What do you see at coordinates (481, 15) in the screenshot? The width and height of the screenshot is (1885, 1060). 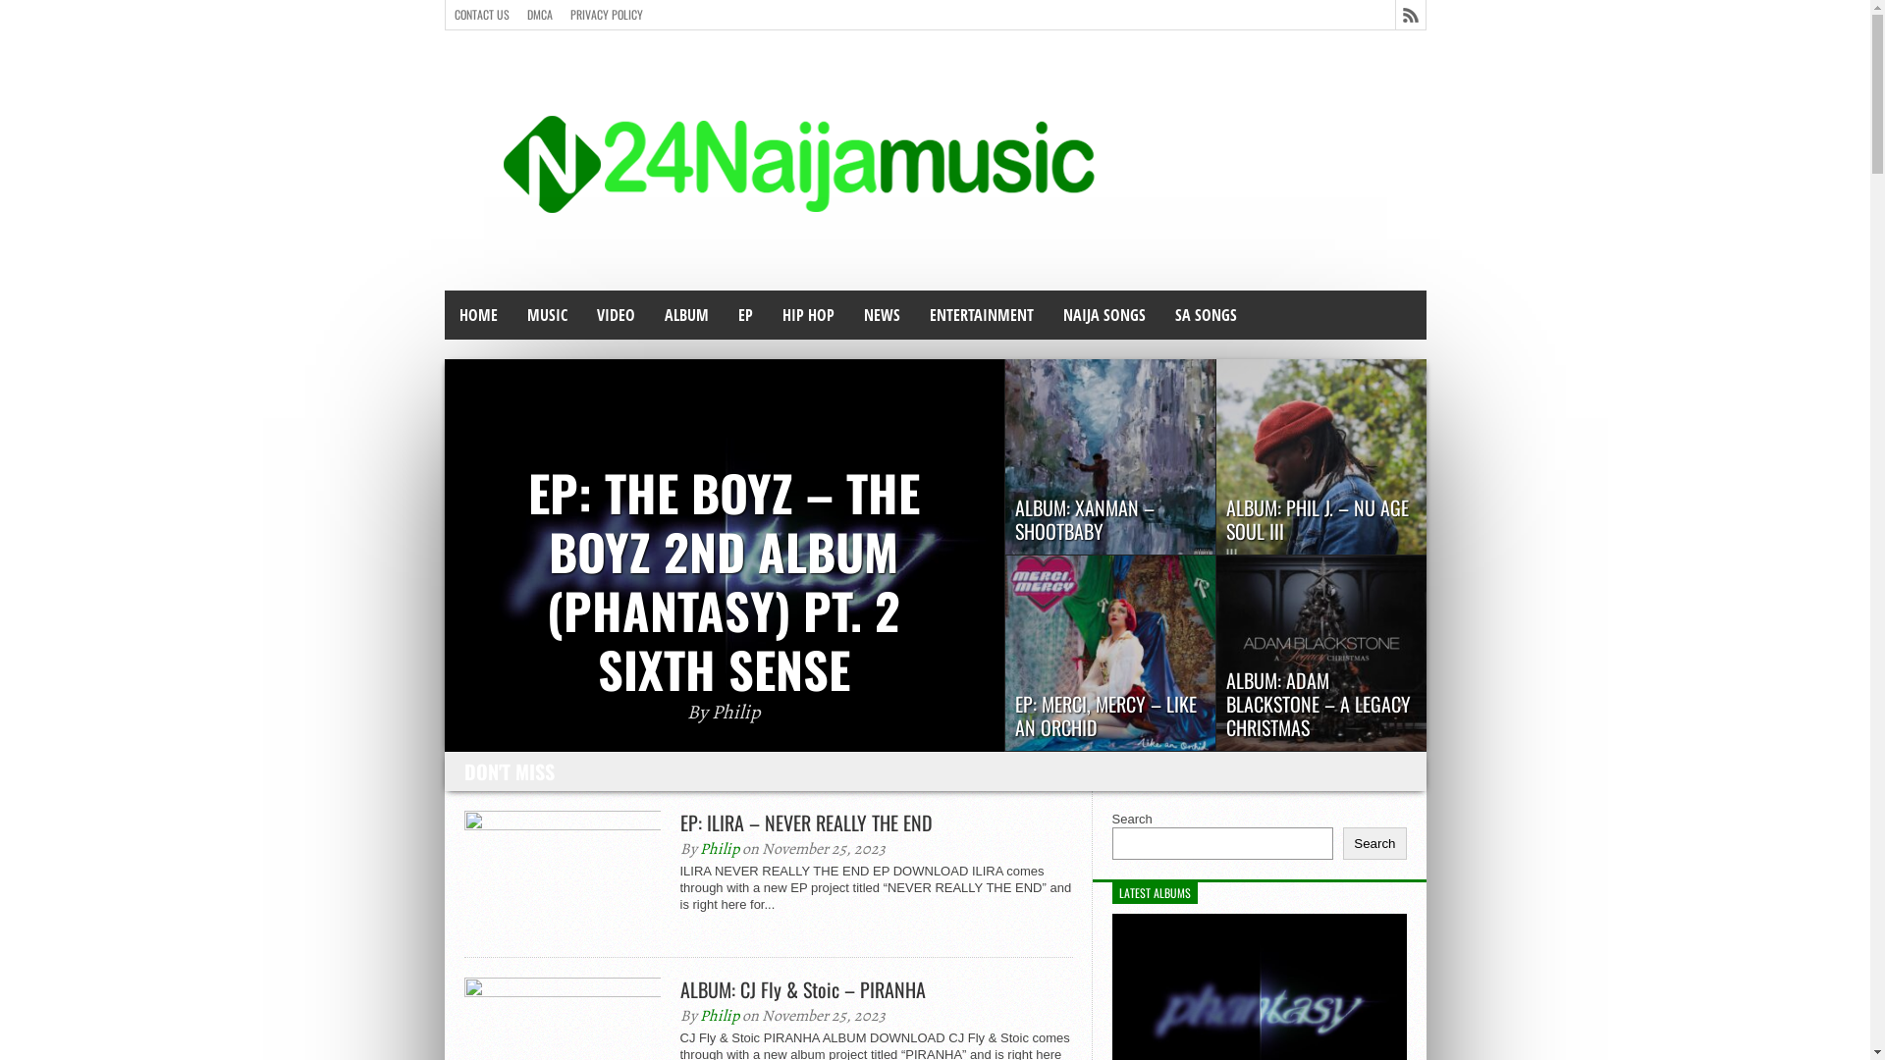 I see `'CONTACT US'` at bounding box center [481, 15].